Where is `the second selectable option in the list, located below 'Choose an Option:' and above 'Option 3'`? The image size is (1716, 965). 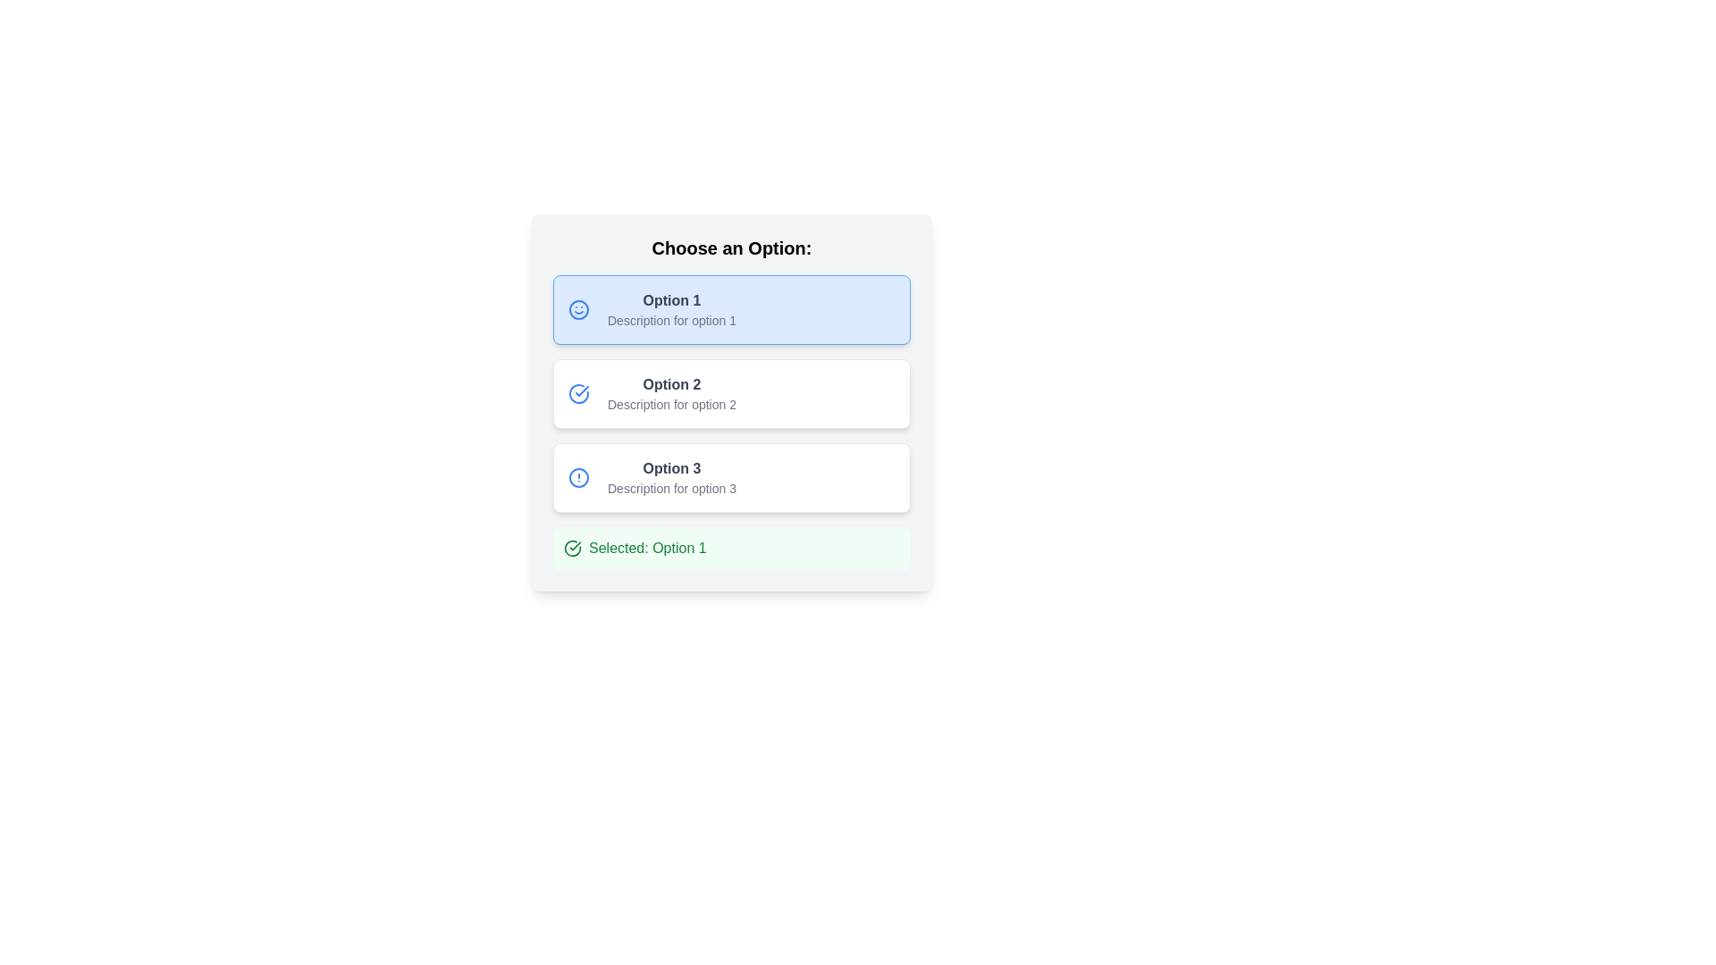
the second selectable option in the list, located below 'Choose an Option:' and above 'Option 3' is located at coordinates (732, 392).